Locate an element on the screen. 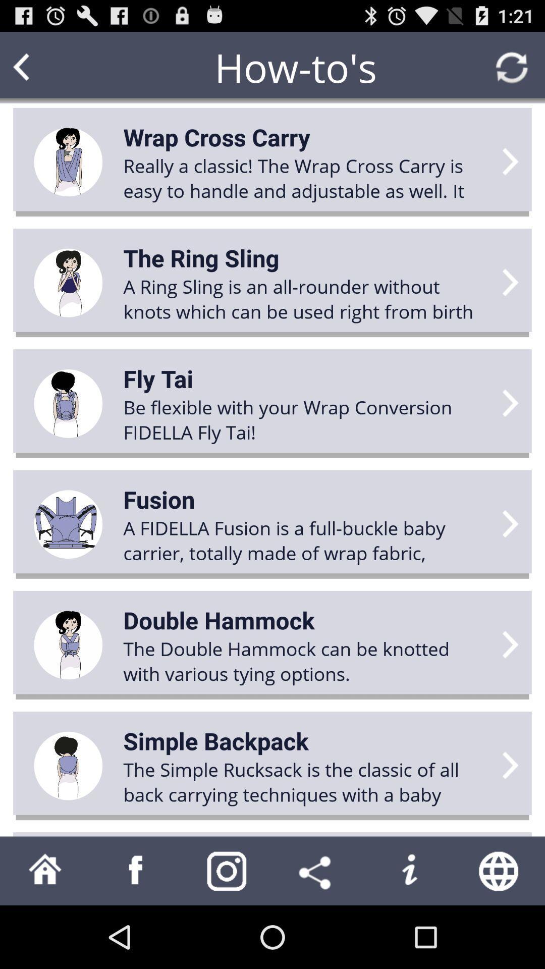 This screenshot has width=545, height=969. the share icon is located at coordinates (317, 932).